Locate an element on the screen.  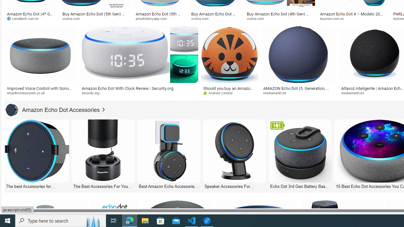
'Improved Voice Control with Sonos & Alexa Echo devices' is located at coordinates (40, 90).